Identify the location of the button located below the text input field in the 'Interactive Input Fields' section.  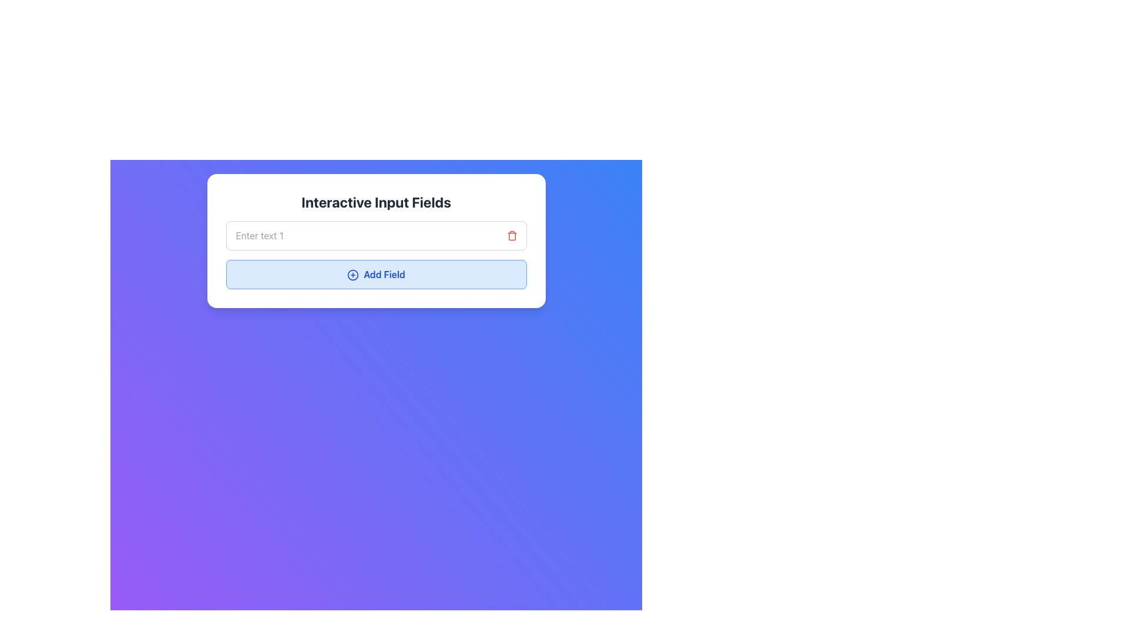
(376, 255).